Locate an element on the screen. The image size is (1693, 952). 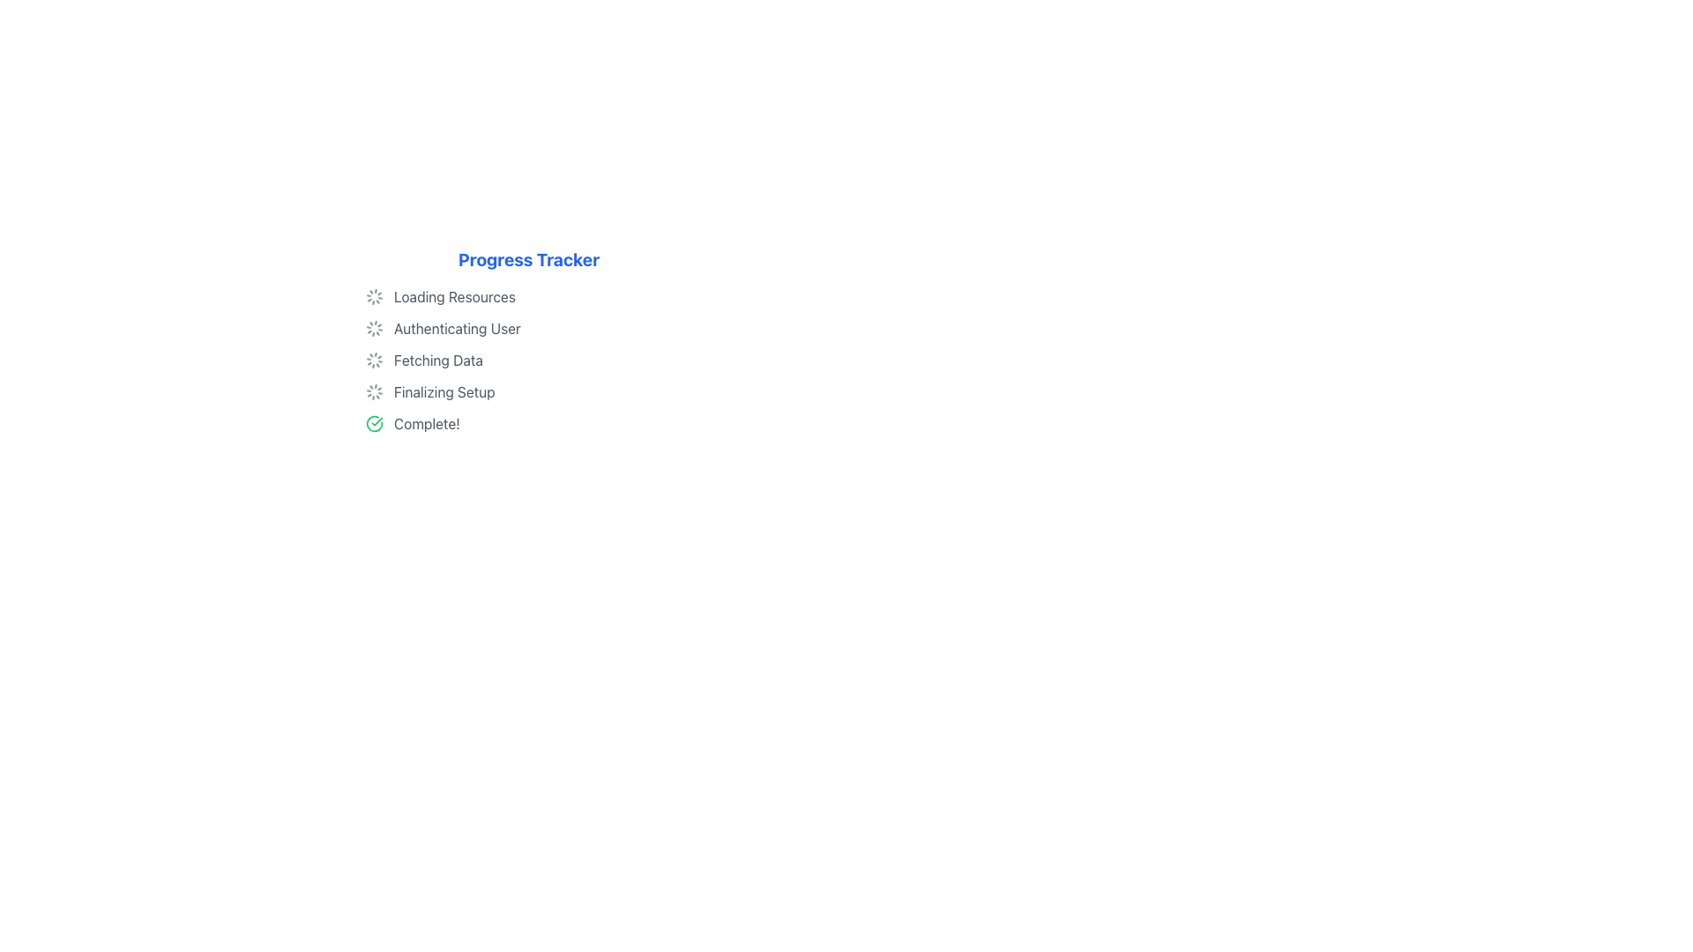
the second item of the Progress Tracker list, which indicates the current status of the authentication process is located at coordinates (528, 329).